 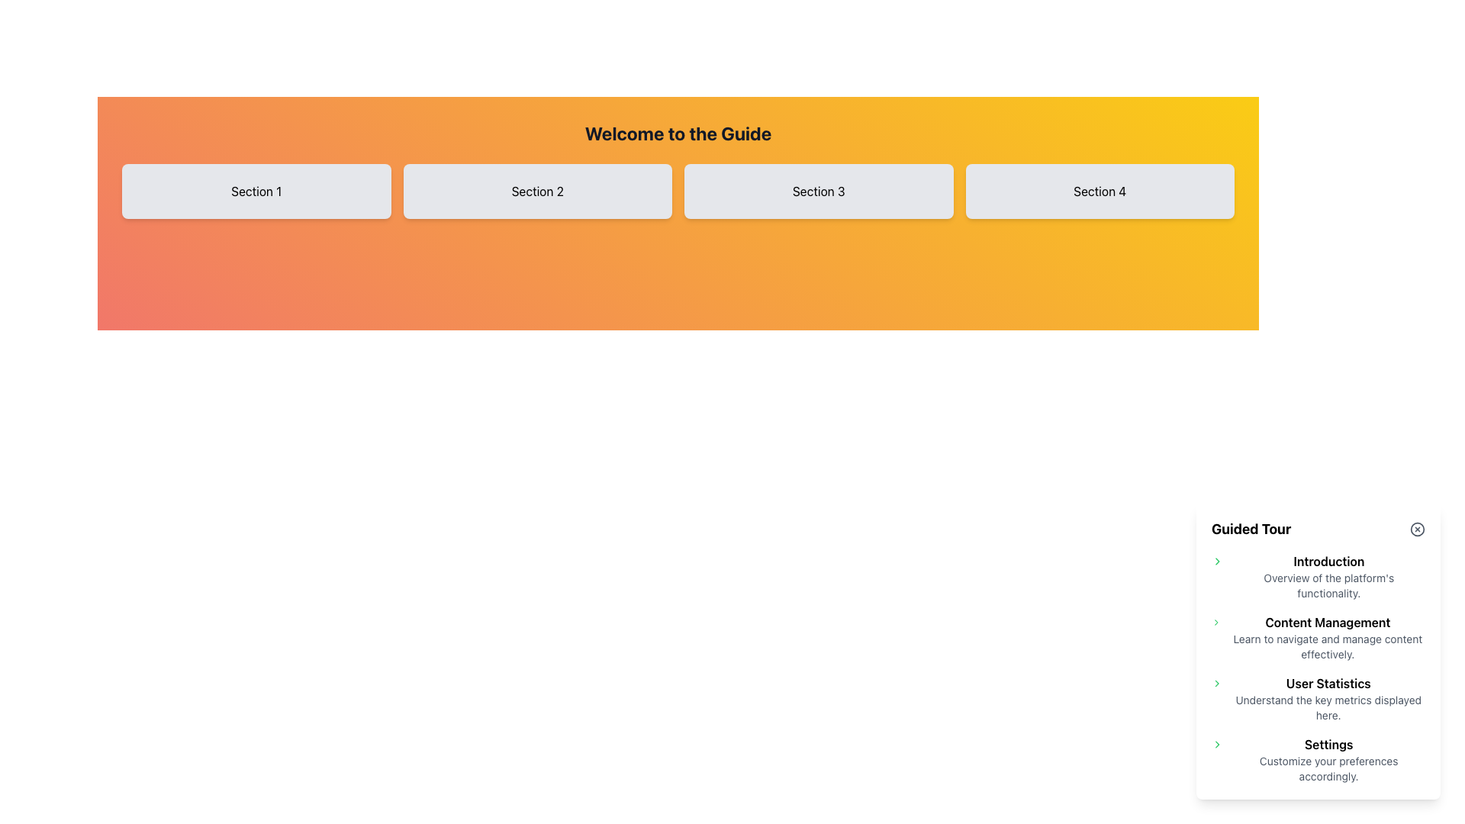 What do you see at coordinates (1327, 638) in the screenshot?
I see `the 'Content Management' text label which is the second item in the 'Guided Tour' section on the right panel, positioned below 'Introduction' and above 'User Statistics'` at bounding box center [1327, 638].